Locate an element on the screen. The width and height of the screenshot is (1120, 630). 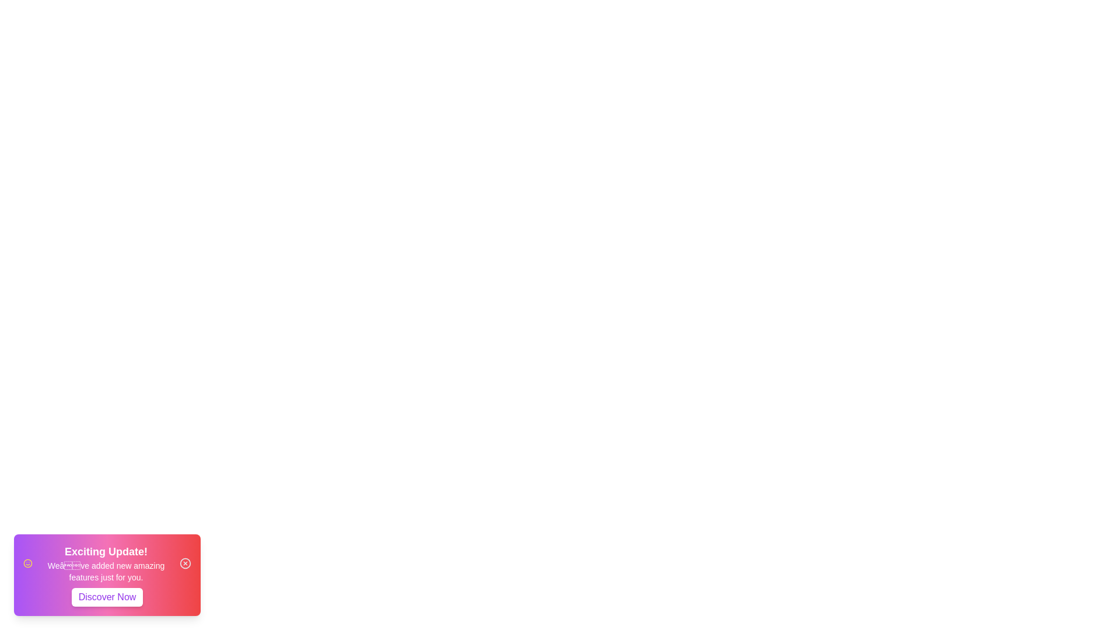
the close button (X) of the snackbar to close it is located at coordinates (184, 562).